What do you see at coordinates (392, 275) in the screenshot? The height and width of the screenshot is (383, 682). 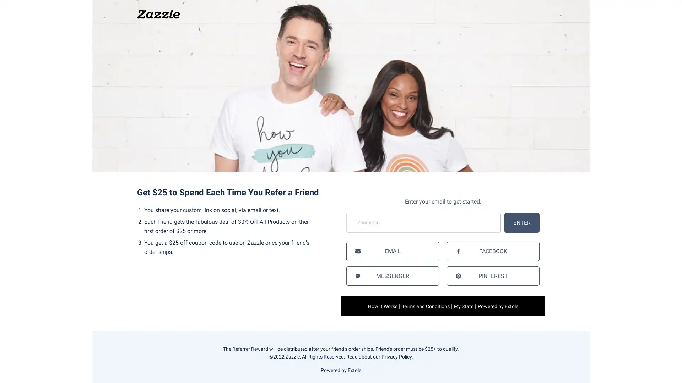 I see `messenger` at bounding box center [392, 275].